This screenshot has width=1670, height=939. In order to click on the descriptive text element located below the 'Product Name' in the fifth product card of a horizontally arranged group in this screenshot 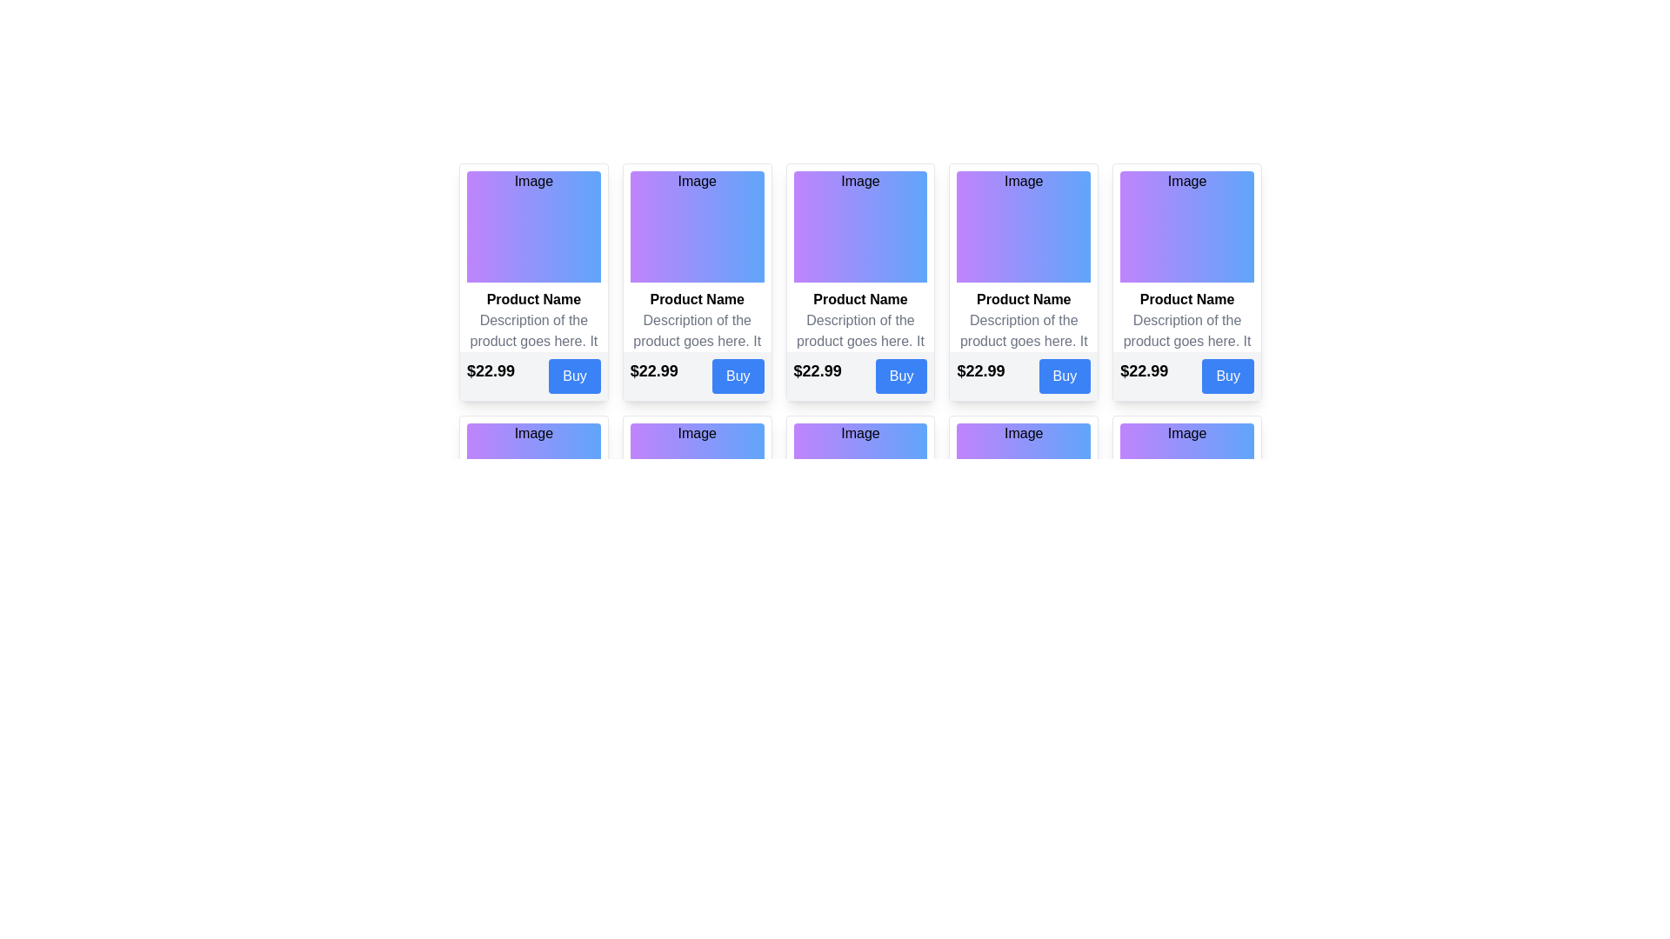, I will do `click(1186, 352)`.